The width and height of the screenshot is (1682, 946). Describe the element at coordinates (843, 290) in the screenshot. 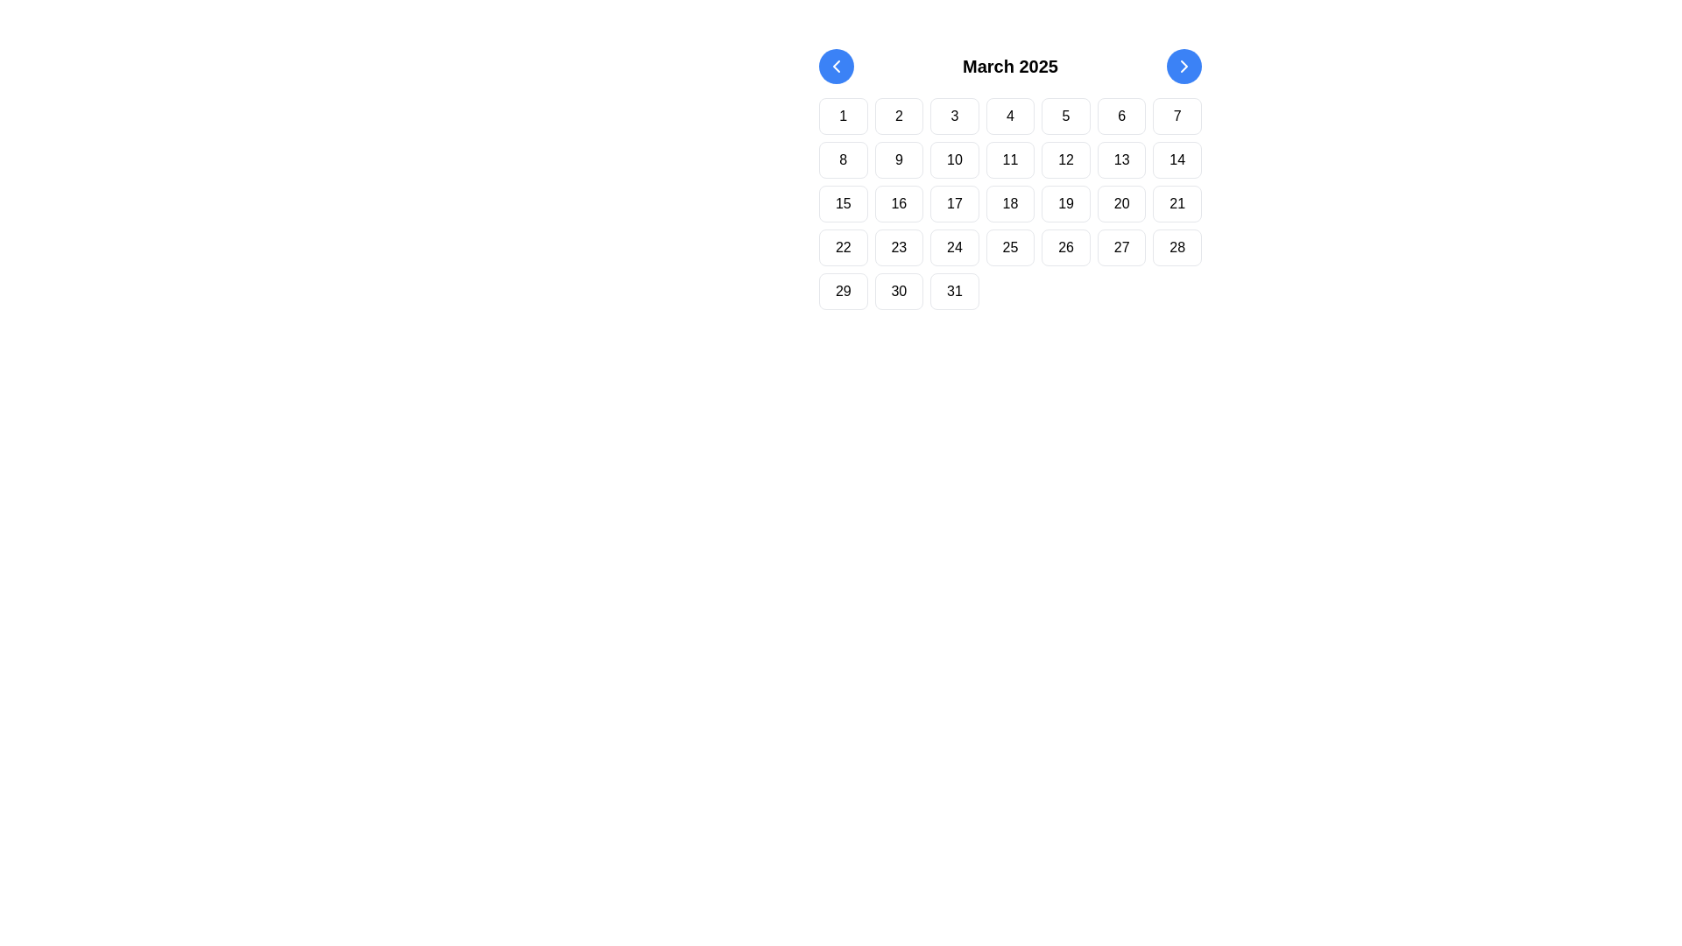

I see `the small rectangular button displaying the text '29' in the calendar grid, located in the bottom row, first column, representing the date 'March 29, 2025'` at that location.